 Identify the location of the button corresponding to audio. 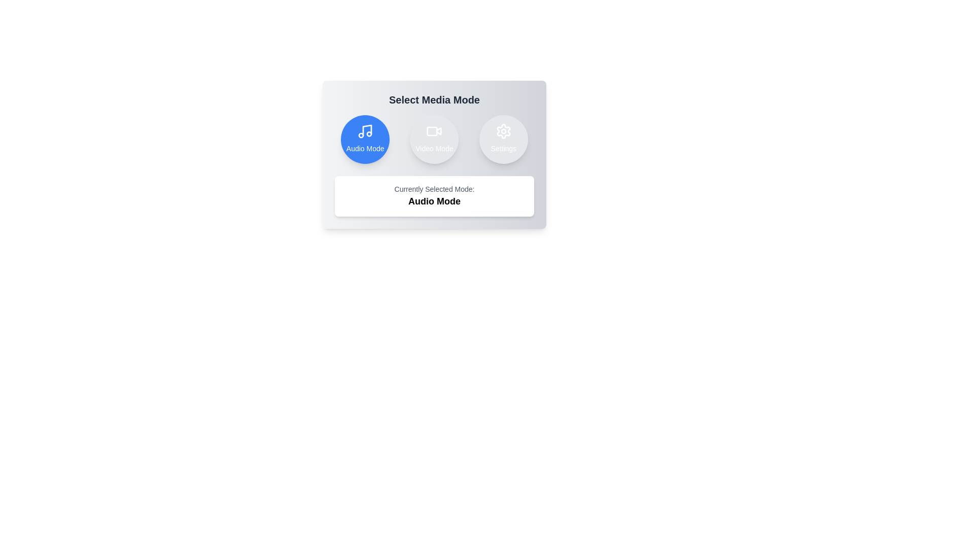
(365, 139).